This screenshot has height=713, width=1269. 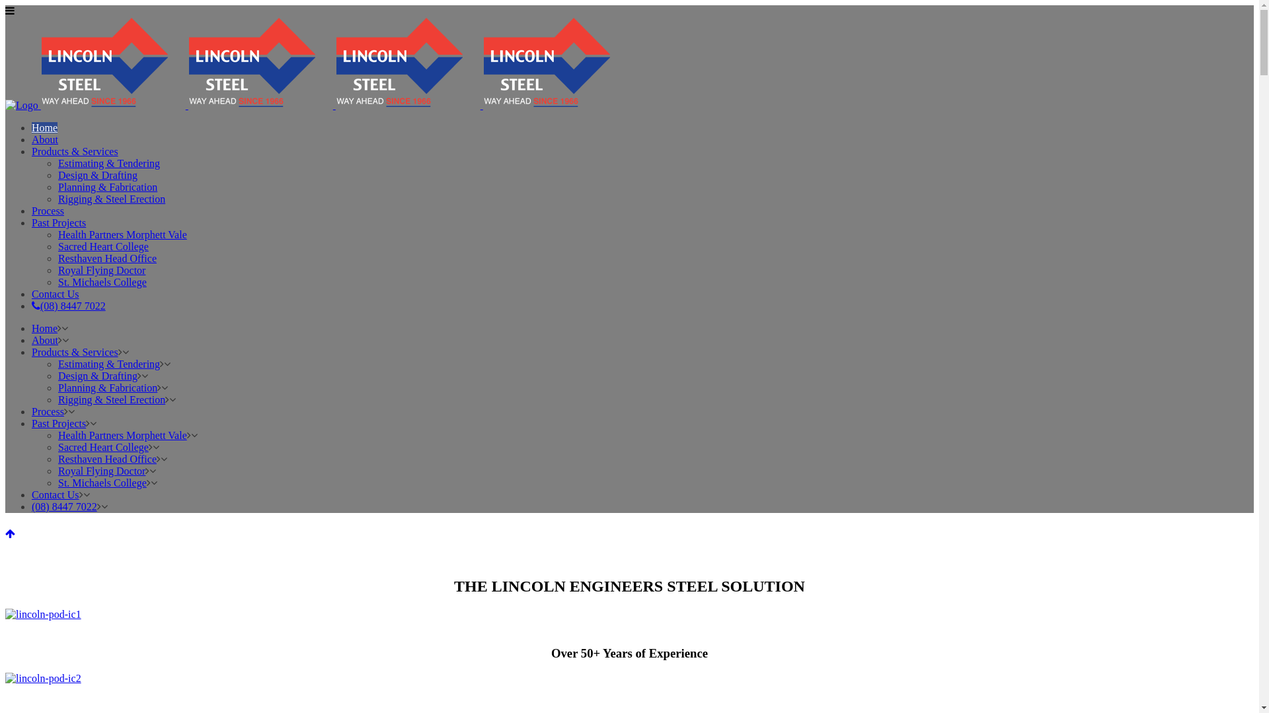 What do you see at coordinates (108, 387) in the screenshot?
I see `'Planning & Fabrication'` at bounding box center [108, 387].